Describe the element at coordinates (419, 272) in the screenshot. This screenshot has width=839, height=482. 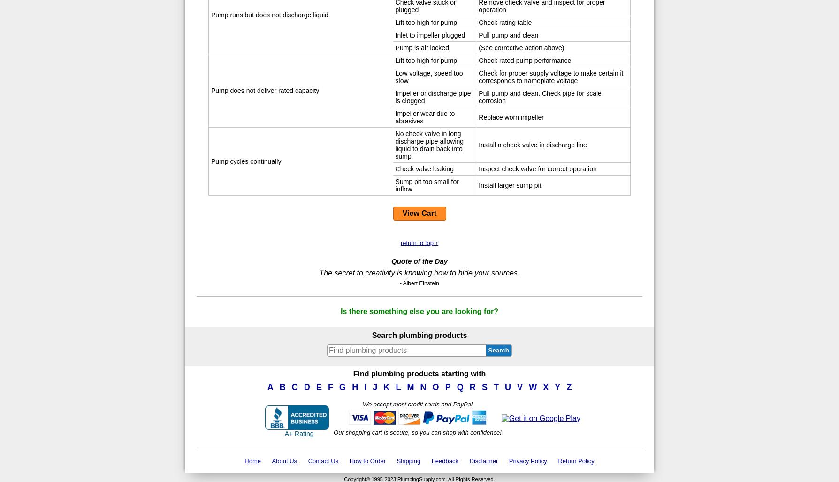
I see `'The secret to creativity is knowing how to hide your sources.'` at that location.